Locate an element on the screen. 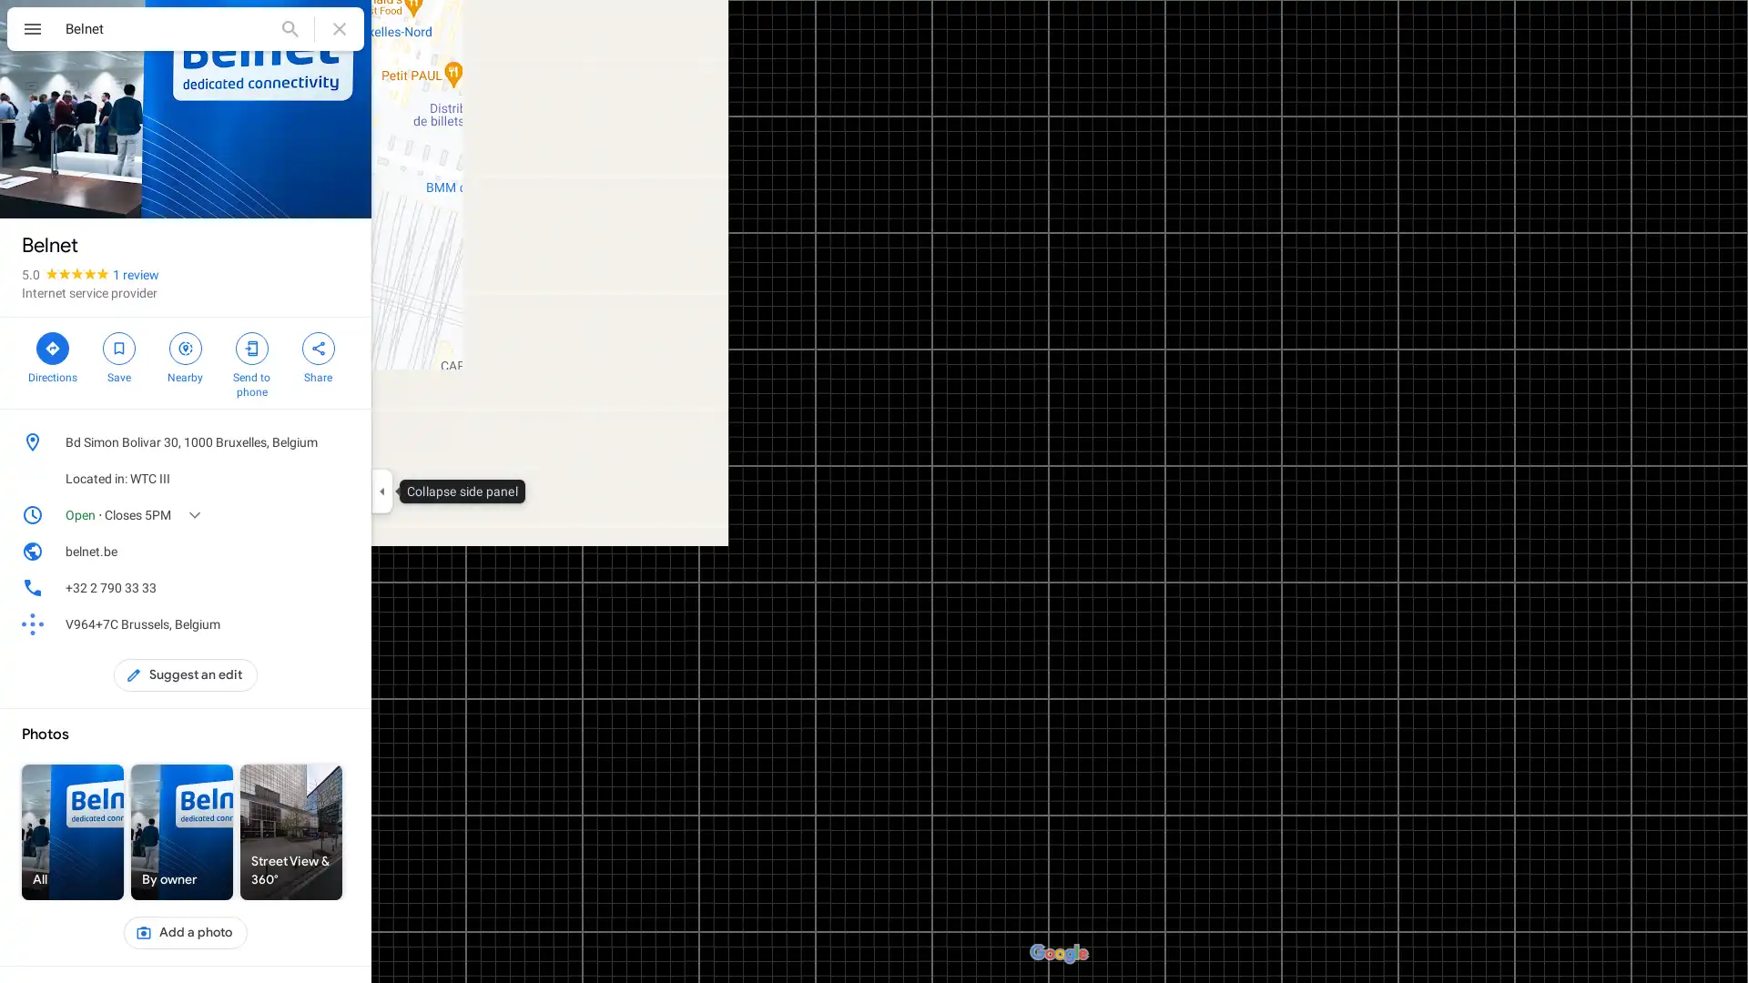 The width and height of the screenshot is (1748, 983). 5.0 stars is located at coordinates (66, 274).